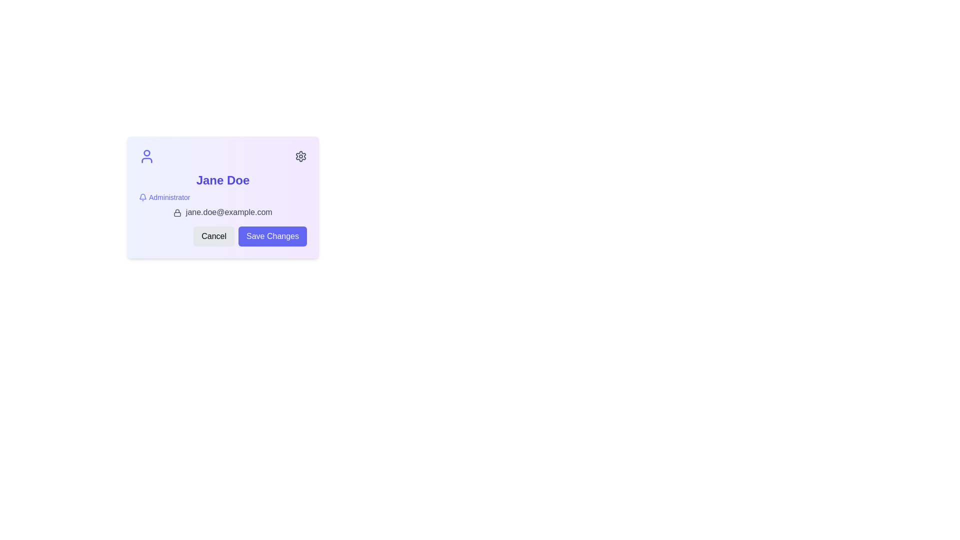 Image resolution: width=960 pixels, height=540 pixels. I want to click on the SVG circle element that represents the head of the user profile icon in the top-left corner of the card interface, so click(146, 152).